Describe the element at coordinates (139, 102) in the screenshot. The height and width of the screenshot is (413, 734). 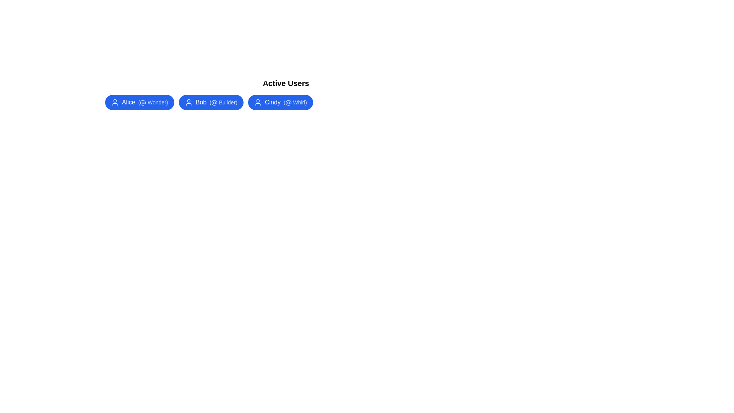
I see `the interactive chip representing Alice to open its context menu` at that location.